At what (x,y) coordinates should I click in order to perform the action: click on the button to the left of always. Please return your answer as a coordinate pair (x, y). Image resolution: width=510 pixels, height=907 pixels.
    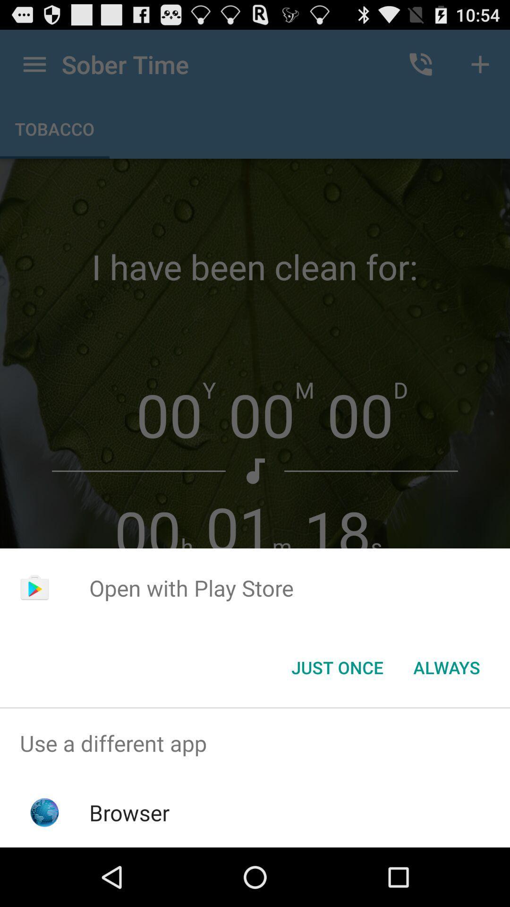
    Looking at the image, I should click on (337, 667).